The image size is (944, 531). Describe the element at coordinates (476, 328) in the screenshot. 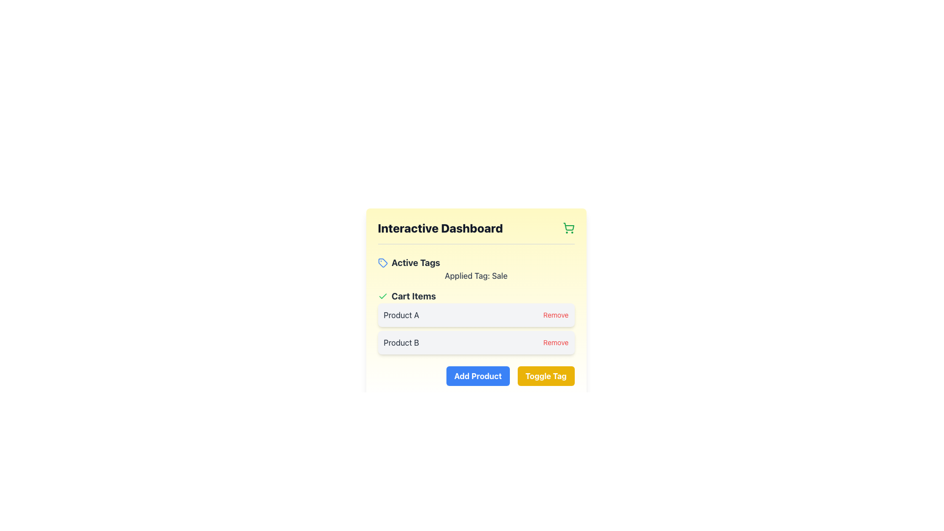

I see `the vertically arranged list of items labeled 'Product A' and 'Product B' with accompanying 'Remove' links in red text located in the 'Cart Items' section of the interface` at that location.